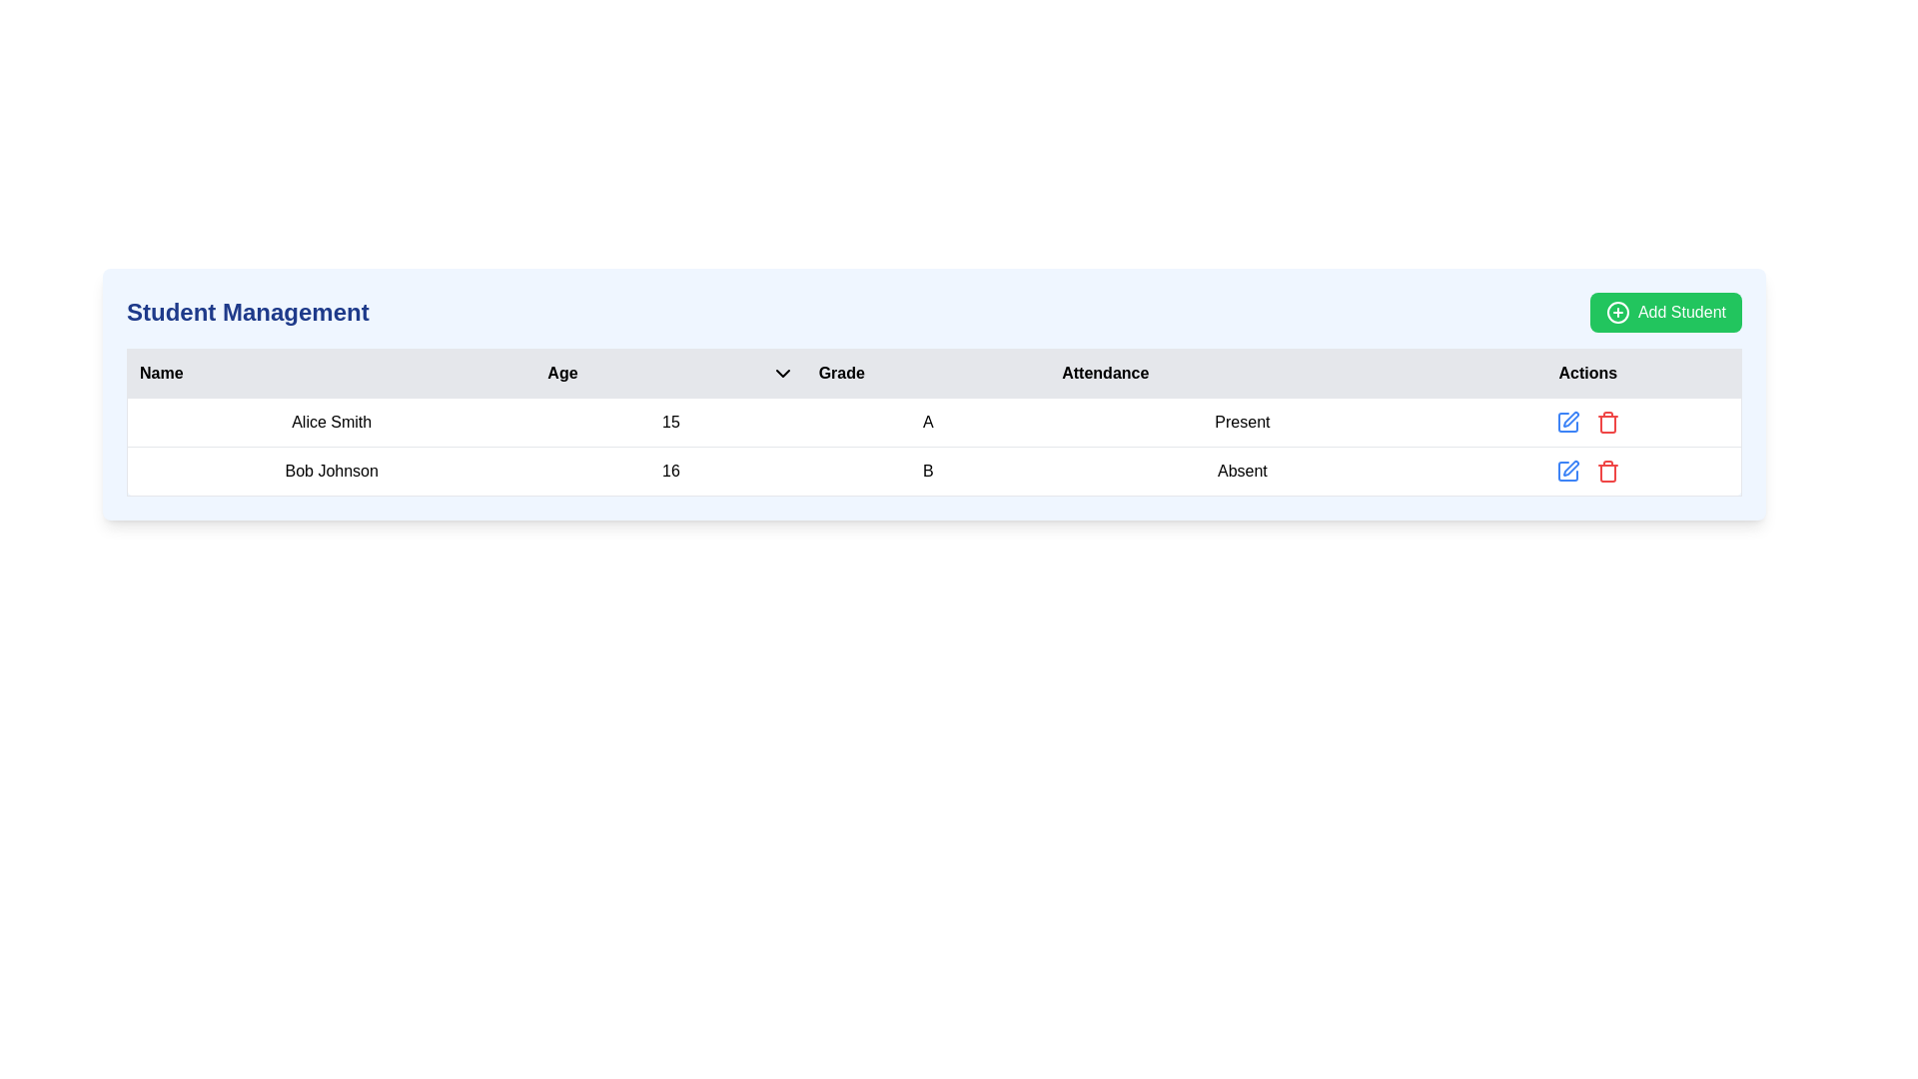  What do you see at coordinates (1566, 422) in the screenshot?
I see `the pencil icon button in the 'Actions' column of the first row of the table` at bounding box center [1566, 422].